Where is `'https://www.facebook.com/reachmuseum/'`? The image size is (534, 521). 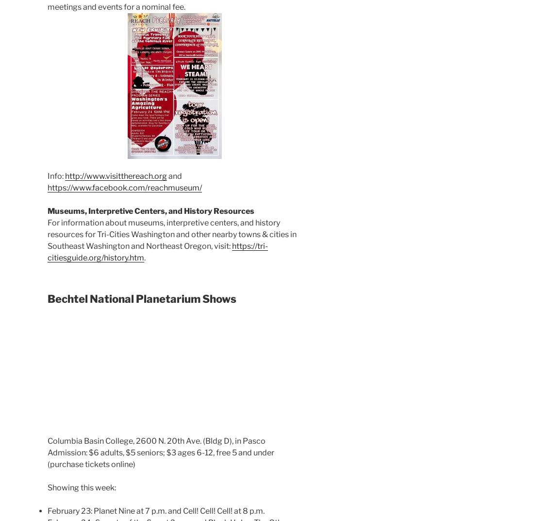 'https://www.facebook.com/reachmuseum/' is located at coordinates (124, 188).